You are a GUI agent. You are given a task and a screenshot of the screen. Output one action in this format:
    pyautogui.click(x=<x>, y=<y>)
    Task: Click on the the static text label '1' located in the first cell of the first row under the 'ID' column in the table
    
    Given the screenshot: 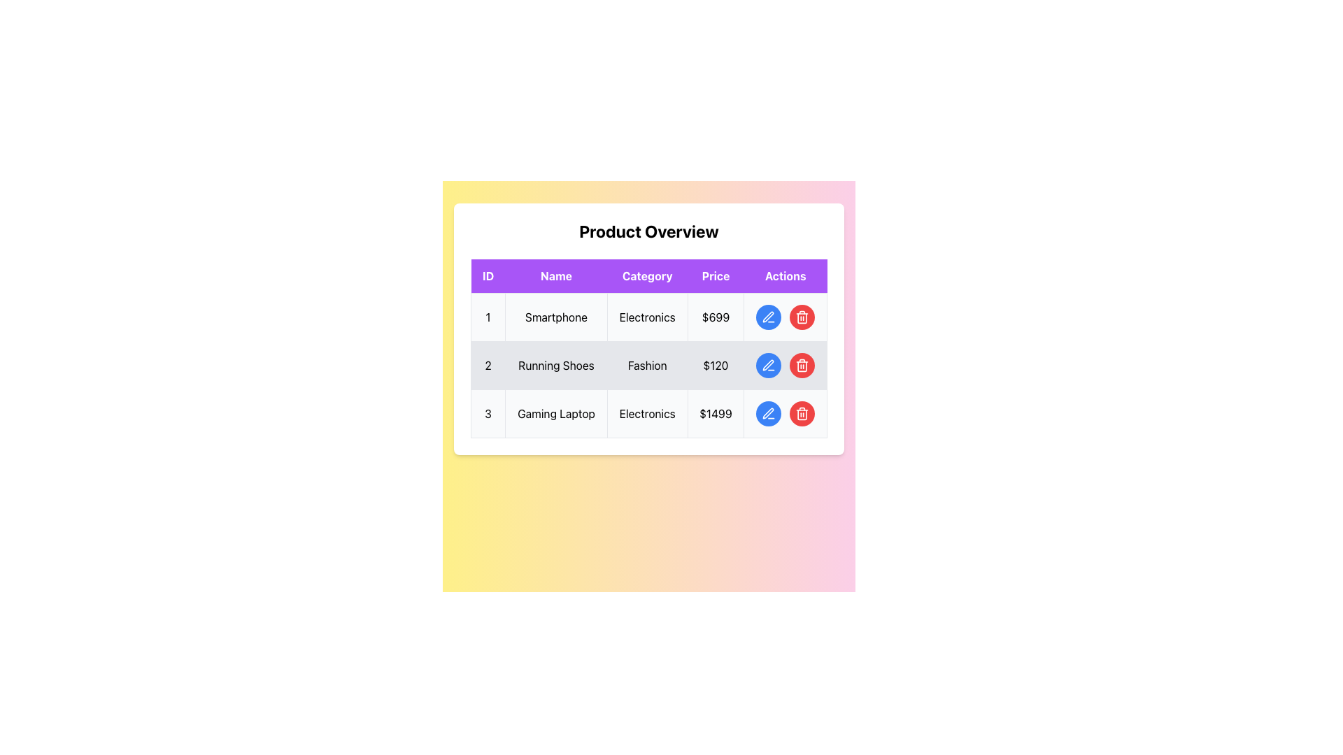 What is the action you would take?
    pyautogui.click(x=488, y=317)
    